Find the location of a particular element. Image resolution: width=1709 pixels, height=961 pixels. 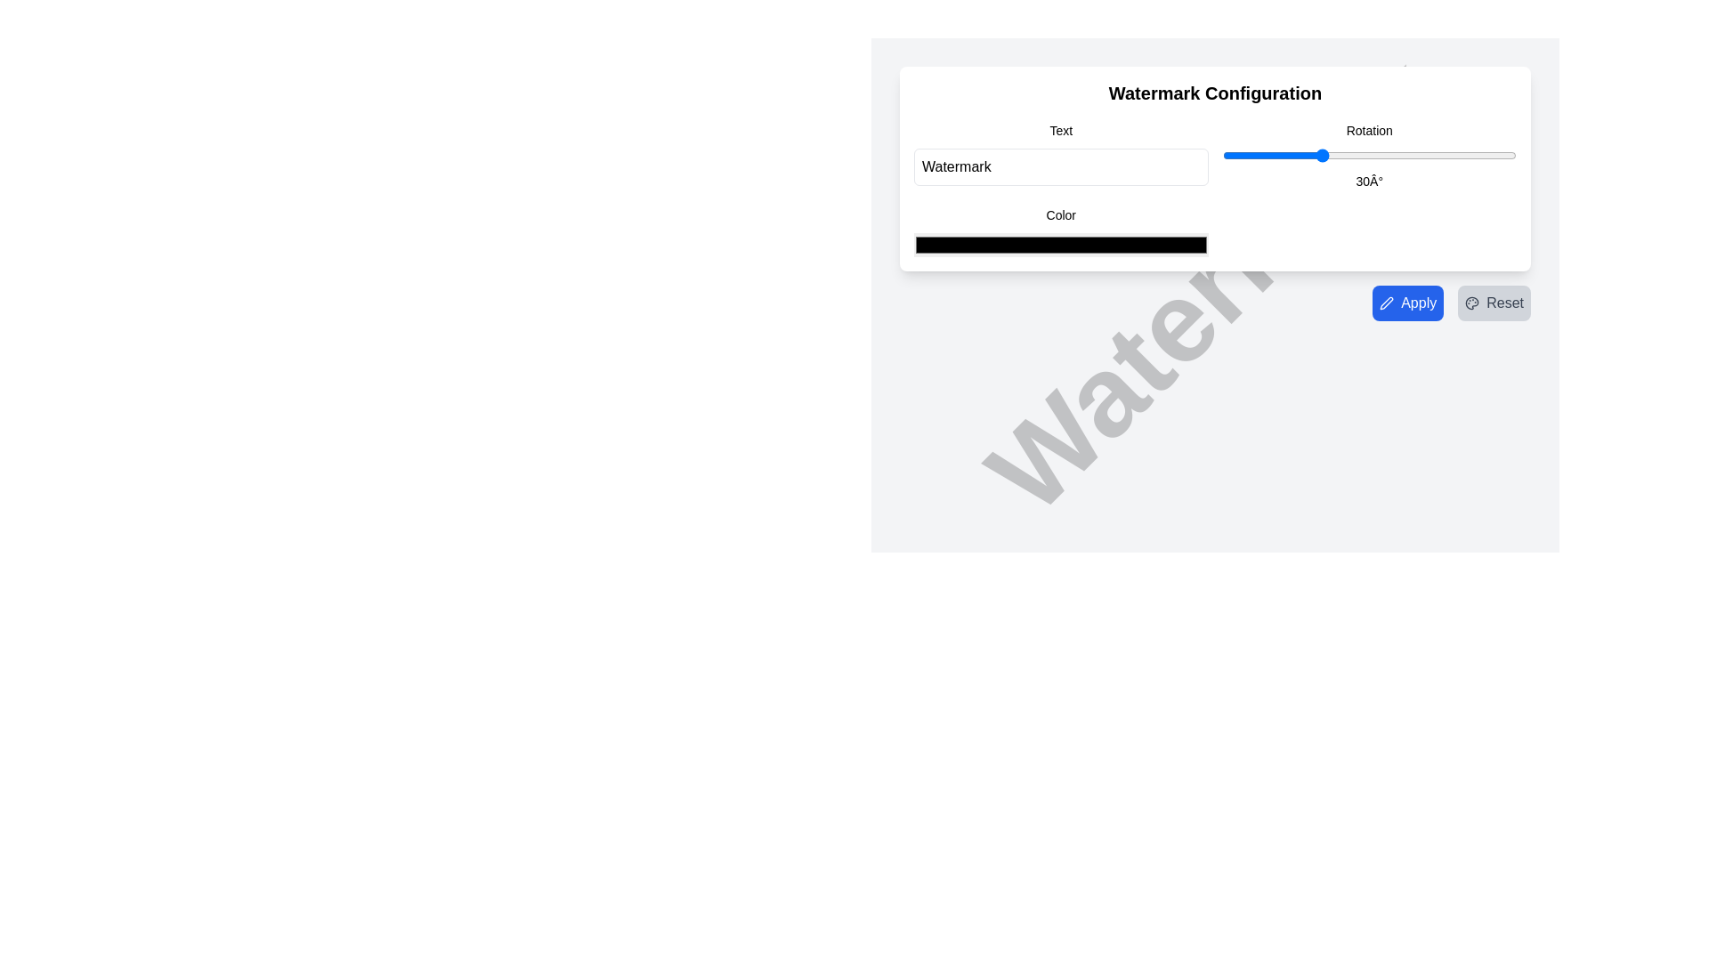

rotation is located at coordinates (1499, 154).